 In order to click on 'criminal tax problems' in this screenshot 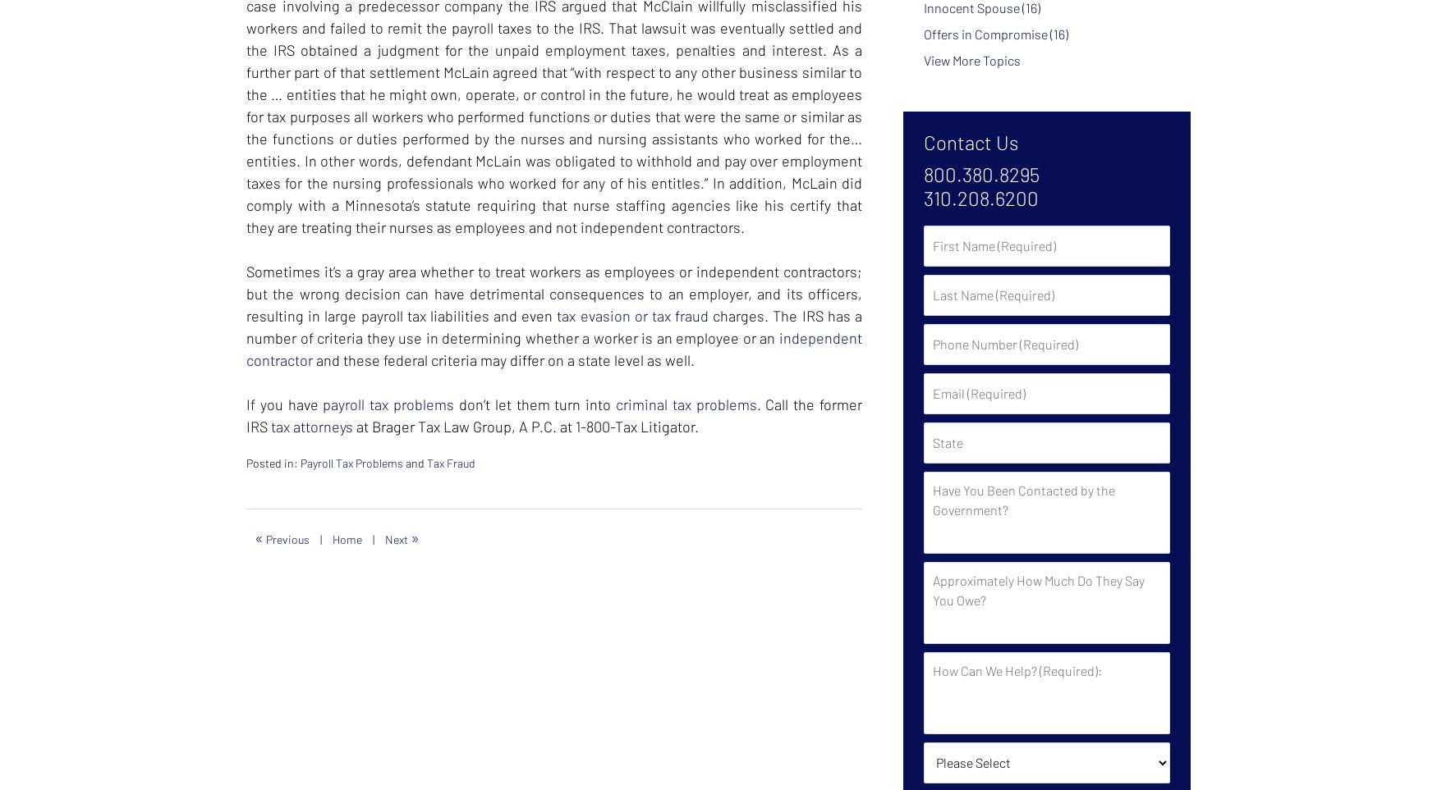, I will do `click(615, 404)`.